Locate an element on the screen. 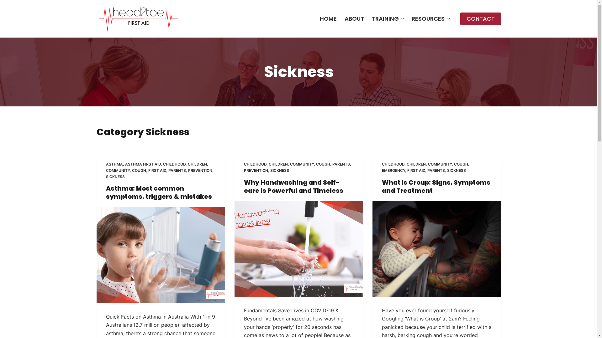  'CHILDREN' is located at coordinates (277, 164).